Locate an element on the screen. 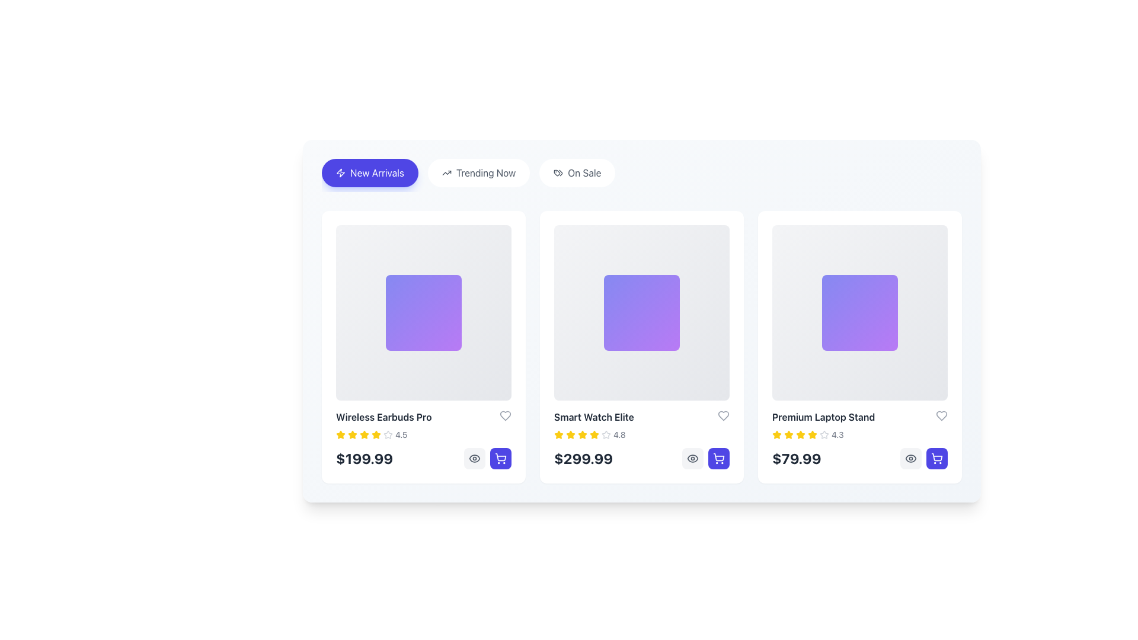  the fourth star icon indicating the star-based rating for the product 'Premium Laptop Stand.' is located at coordinates (800, 434).